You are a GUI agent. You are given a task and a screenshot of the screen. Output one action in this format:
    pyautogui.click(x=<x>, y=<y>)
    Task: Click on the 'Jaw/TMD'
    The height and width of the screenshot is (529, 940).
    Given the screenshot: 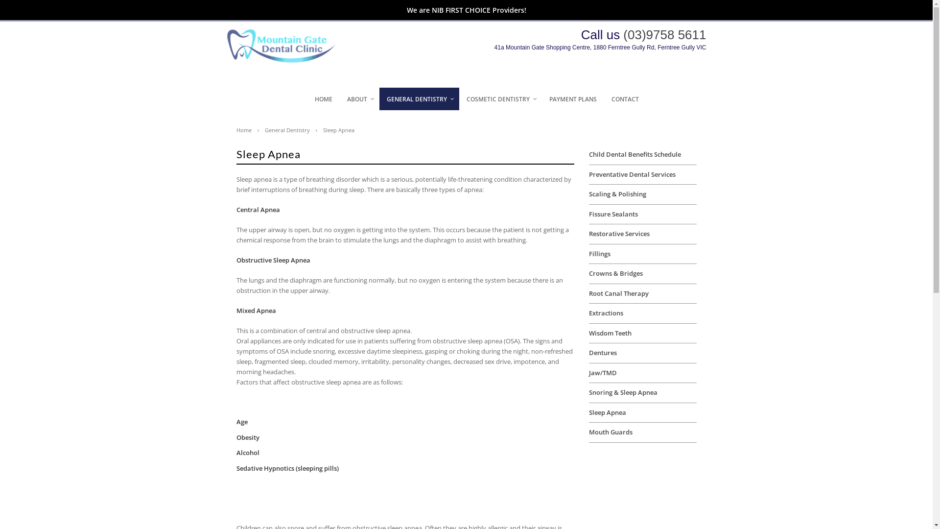 What is the action you would take?
    pyautogui.click(x=602, y=372)
    